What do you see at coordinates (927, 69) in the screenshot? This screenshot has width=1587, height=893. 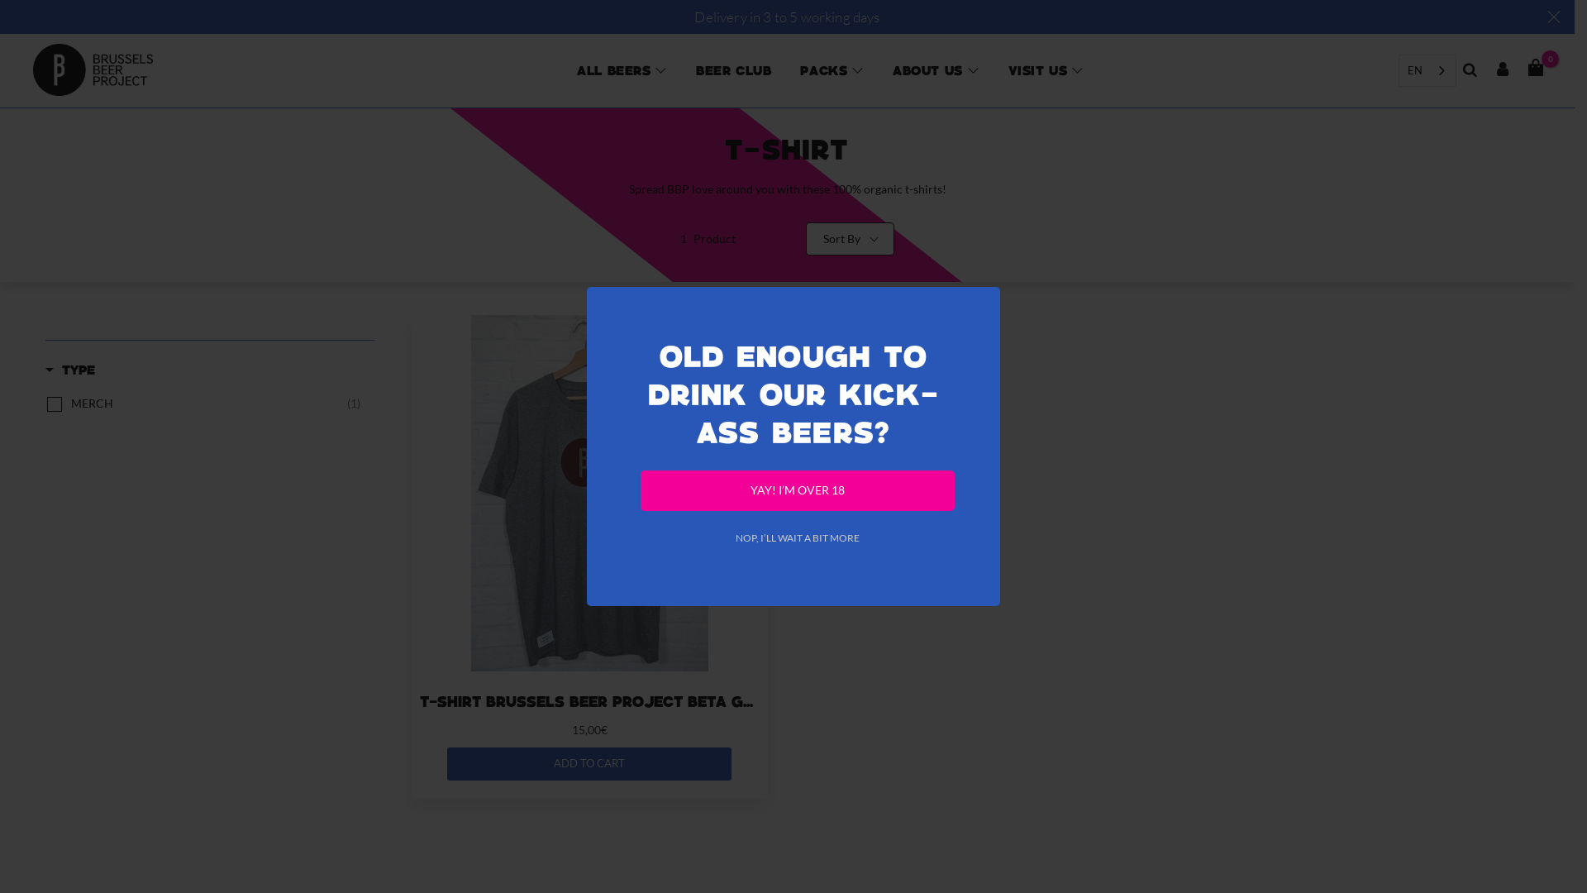 I see `'About us'` at bounding box center [927, 69].